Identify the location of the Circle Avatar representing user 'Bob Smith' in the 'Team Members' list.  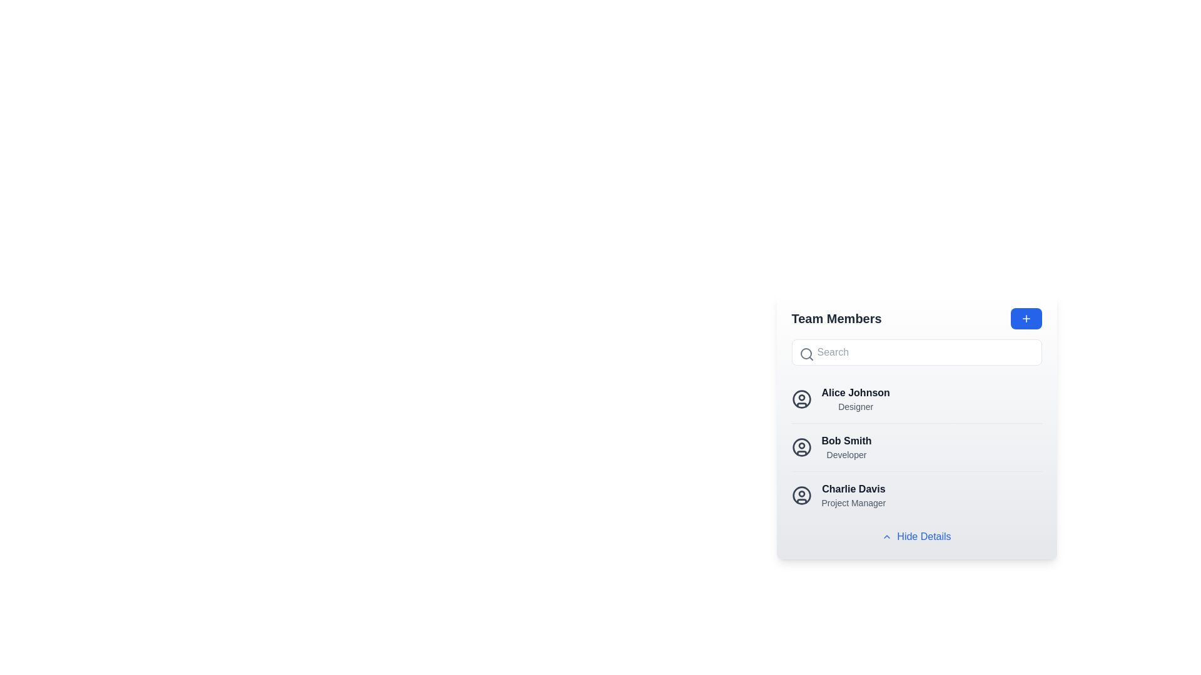
(801, 447).